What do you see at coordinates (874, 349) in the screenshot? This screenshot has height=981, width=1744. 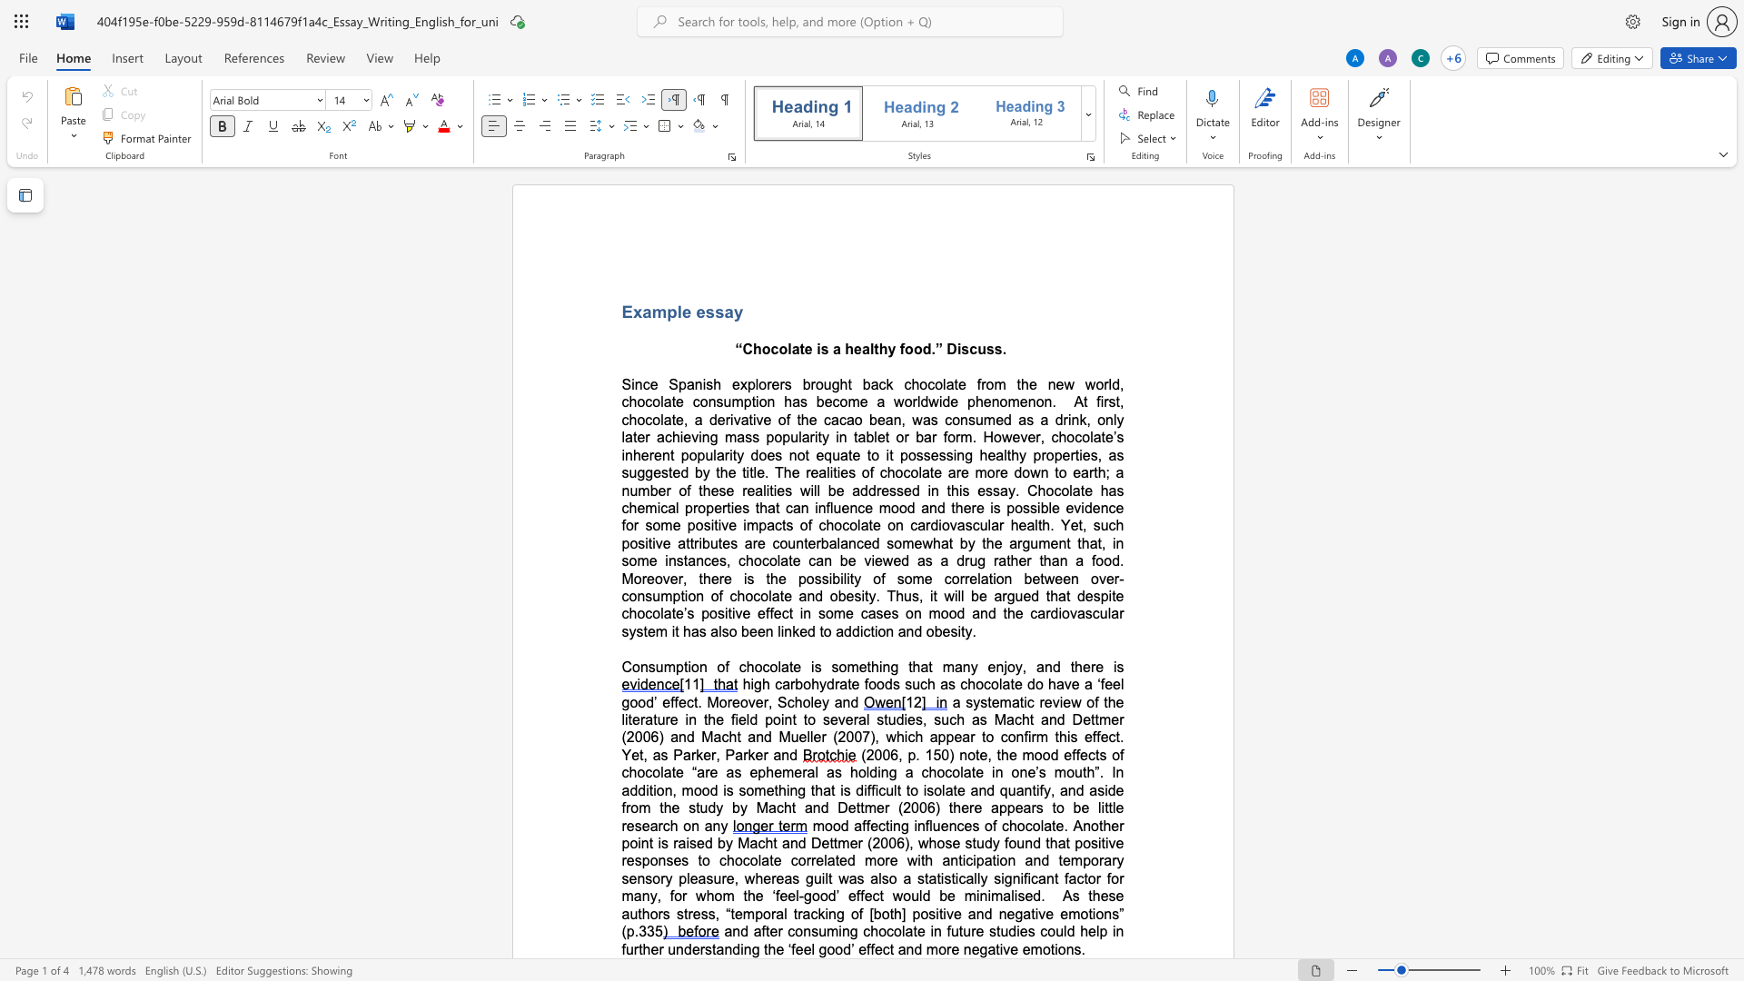 I see `the space between the continuous character "l" and "t" in the text` at bounding box center [874, 349].